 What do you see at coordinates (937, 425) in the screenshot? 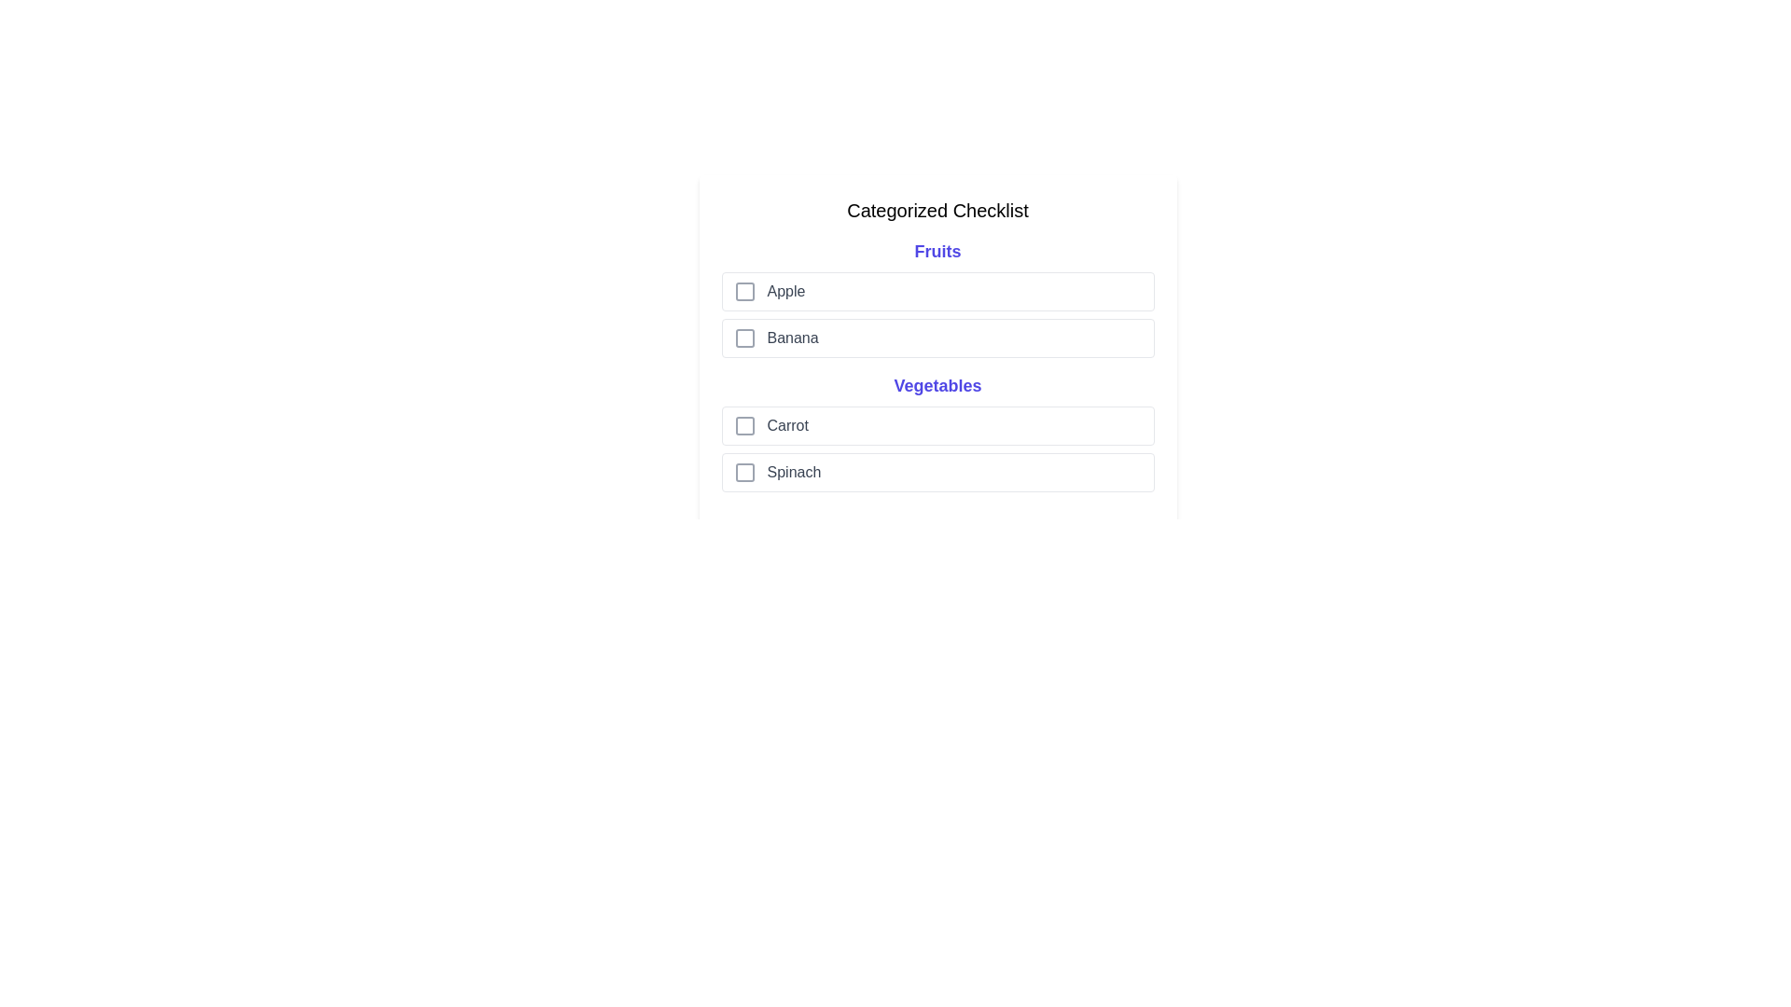
I see `the checkbox for 'Carrot' in the 'Vegetables' section` at bounding box center [937, 425].